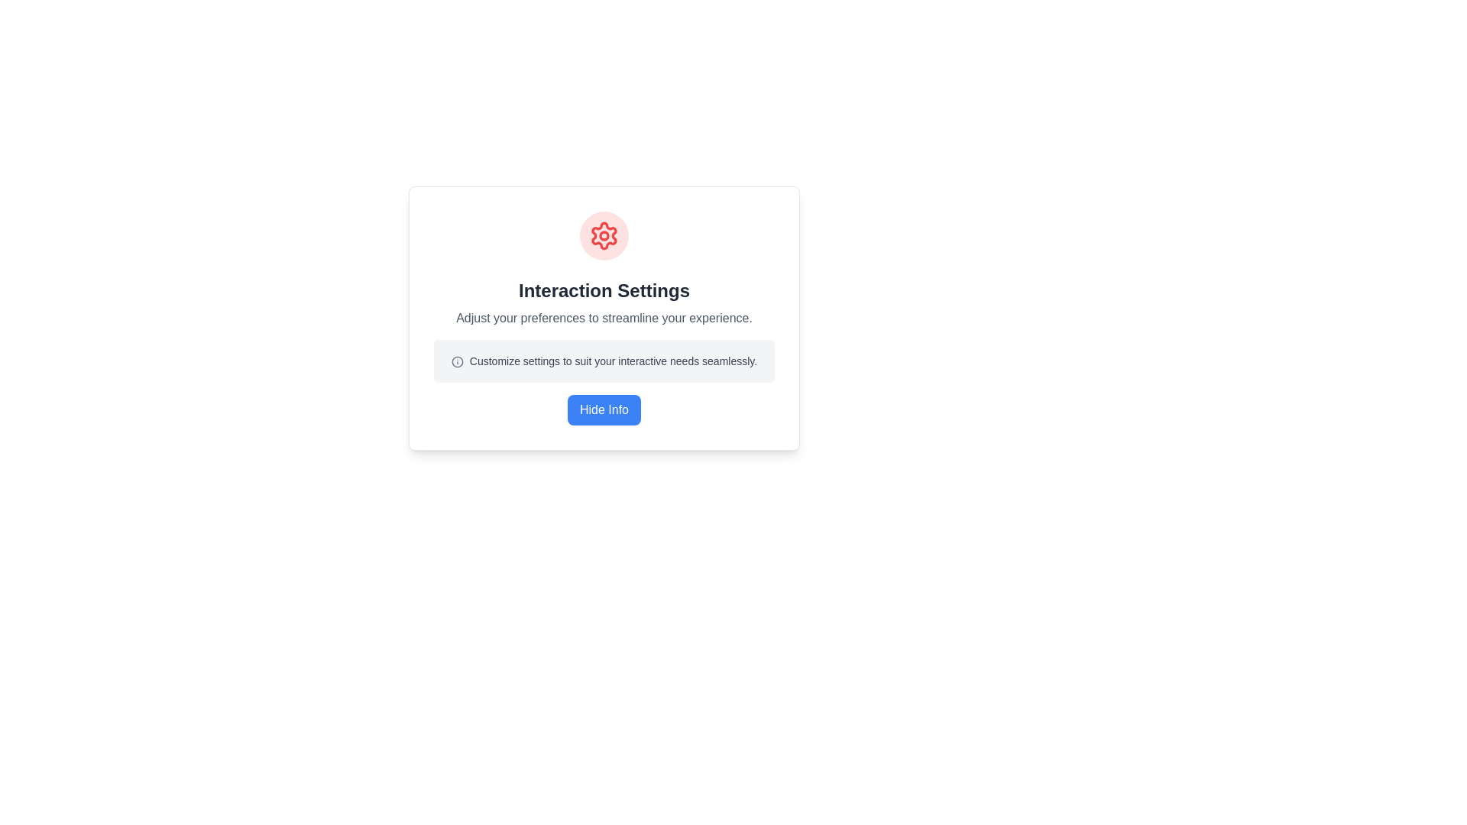  What do you see at coordinates (456, 361) in the screenshot?
I see `the small circular information icon with a light-gray outline, which is the first element to the left of the text 'Customize settings to suit your interactive needs seamlessly'` at bounding box center [456, 361].